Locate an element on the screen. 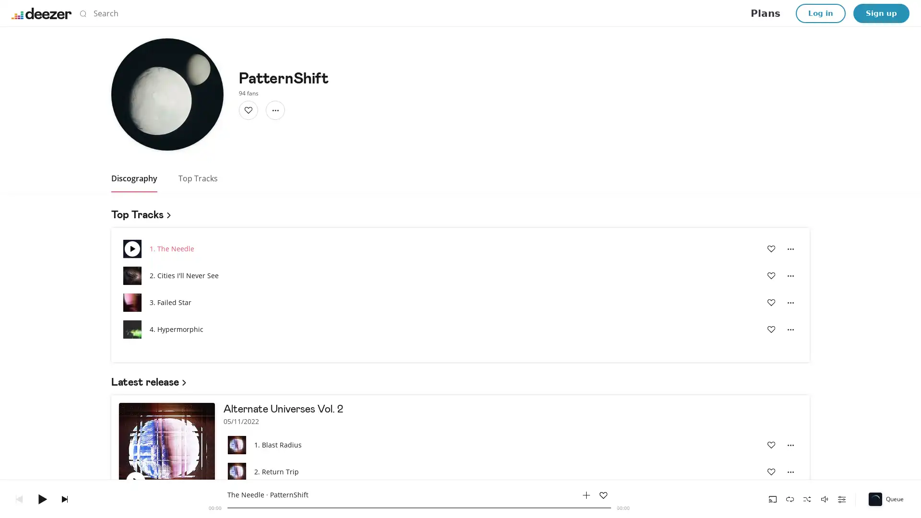 This screenshot has width=921, height=518. Chromecast is located at coordinates (773, 498).